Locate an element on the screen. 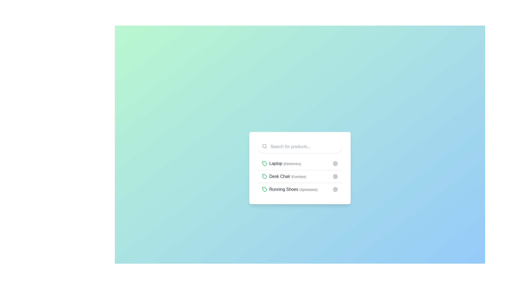 This screenshot has height=285, width=507. the outermost circular part of the cog-shaped icon located to the right of the 'Desk Chair (Furniture)' list item is located at coordinates (335, 176).